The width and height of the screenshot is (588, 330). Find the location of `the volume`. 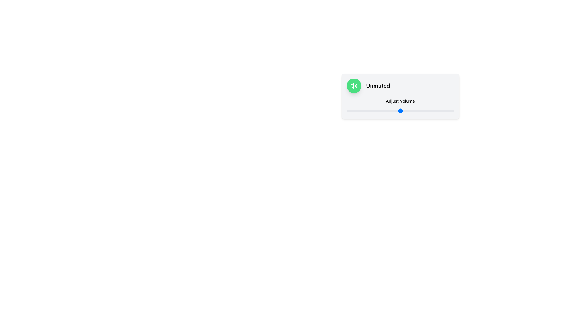

the volume is located at coordinates (358, 111).